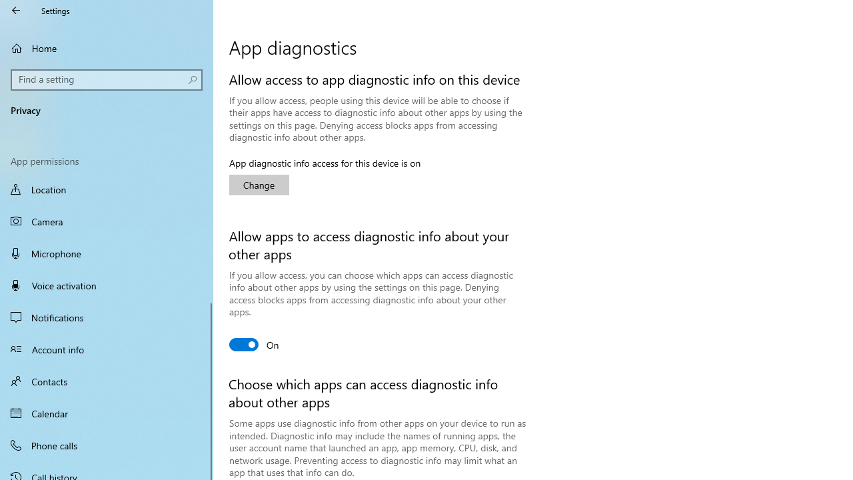  Describe the element at coordinates (107, 253) in the screenshot. I see `'Microphone'` at that location.